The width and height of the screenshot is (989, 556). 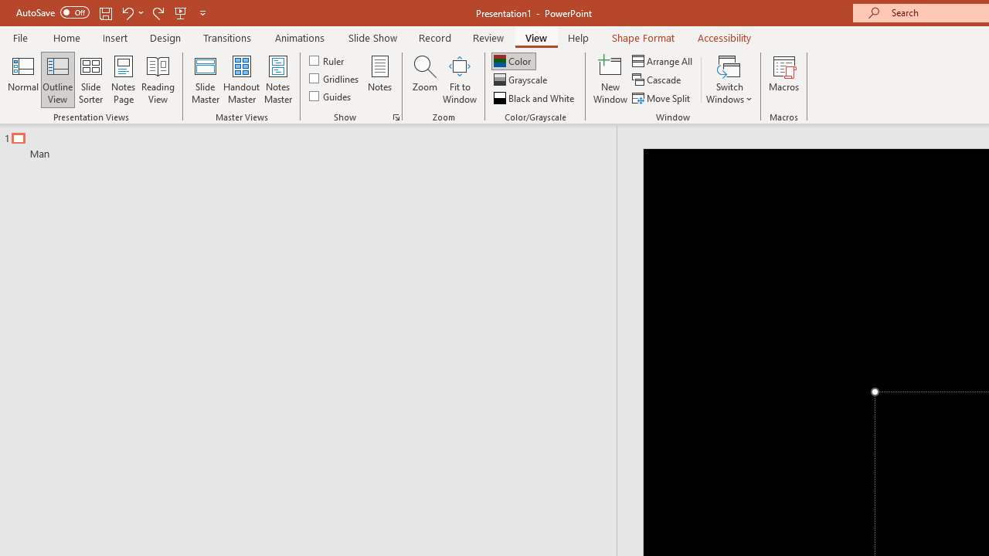 I want to click on 'Ruler', so click(x=327, y=59).